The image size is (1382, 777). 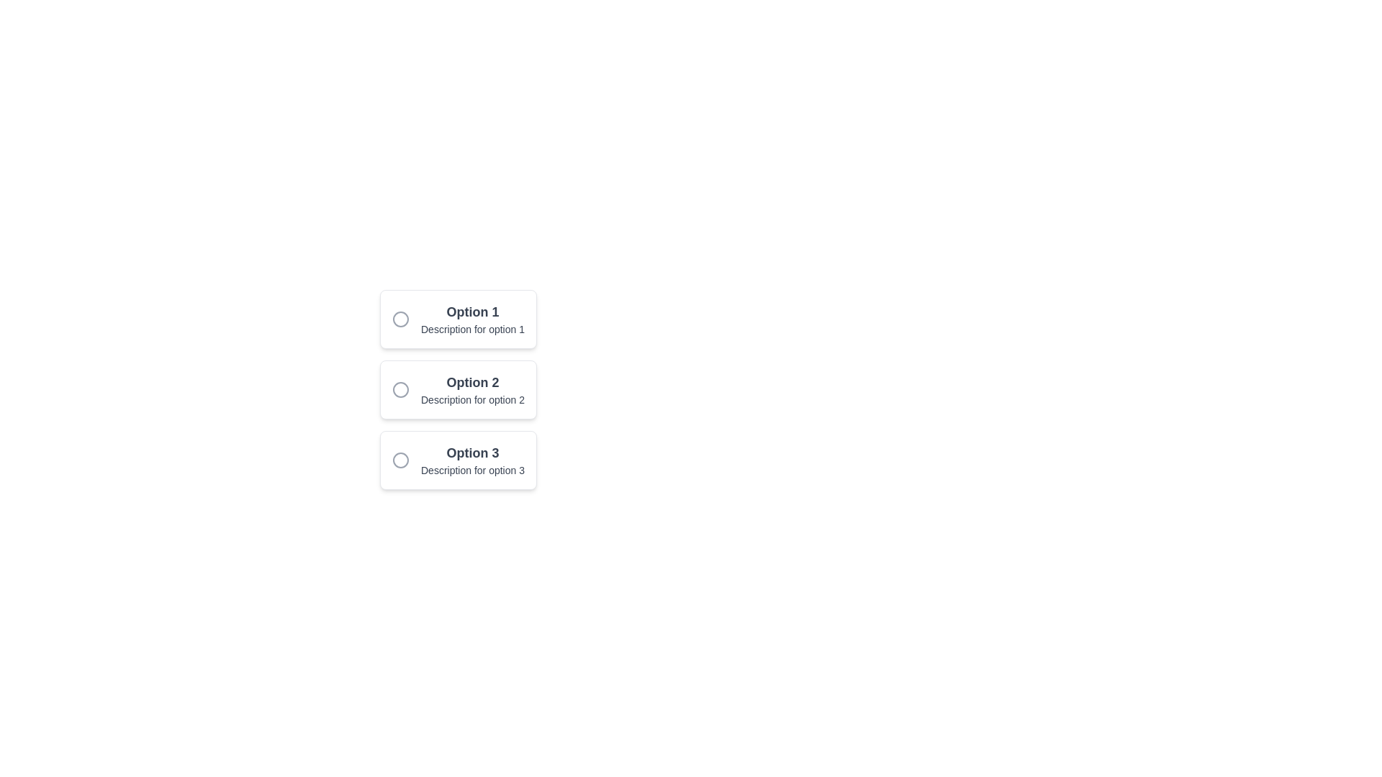 What do you see at coordinates (473, 471) in the screenshot?
I see `the text label displaying 'Description for option 3', which is located directly below 'Option 3' in the third group of a multi-option layout` at bounding box center [473, 471].